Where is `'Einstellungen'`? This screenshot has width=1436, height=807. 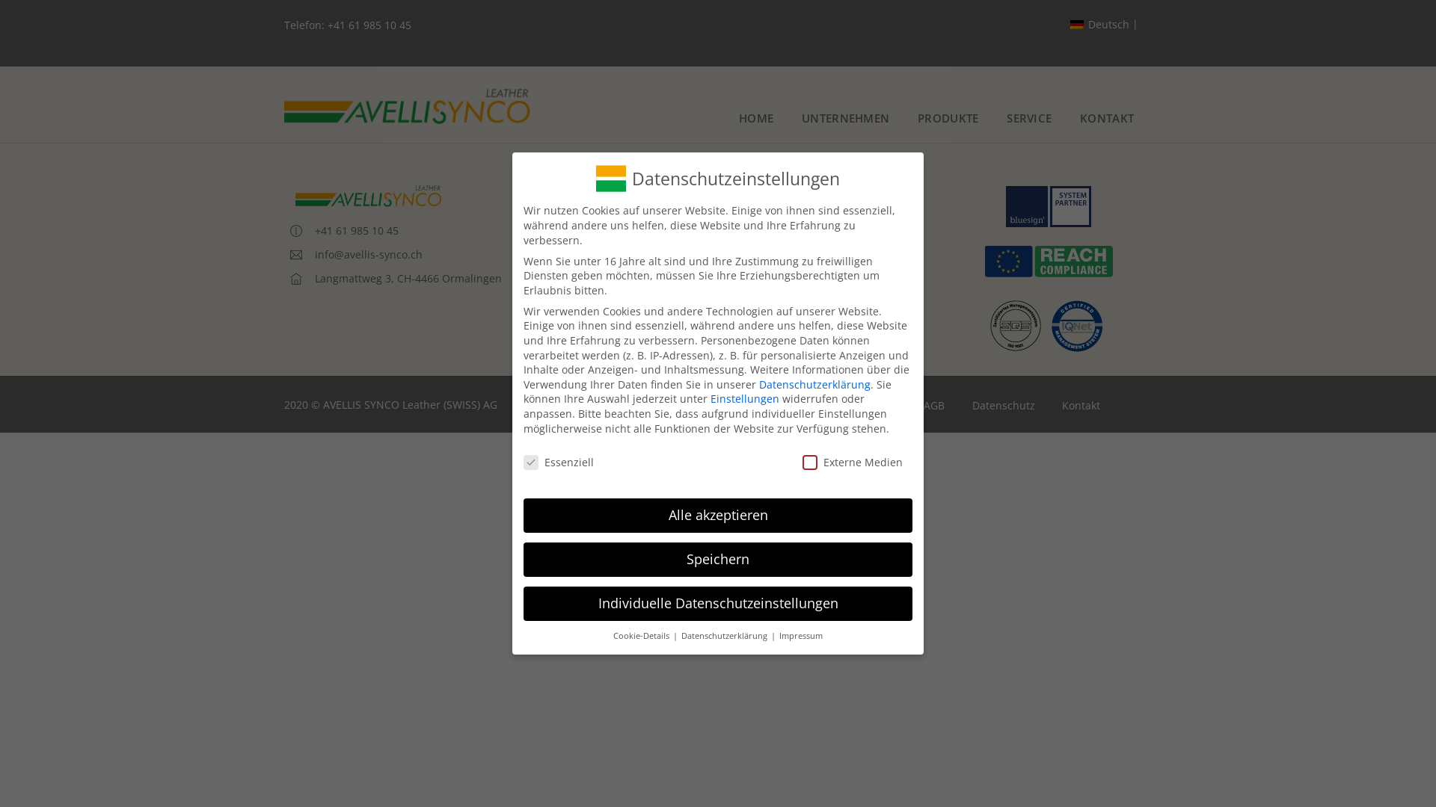
'Einstellungen' is located at coordinates (710, 398).